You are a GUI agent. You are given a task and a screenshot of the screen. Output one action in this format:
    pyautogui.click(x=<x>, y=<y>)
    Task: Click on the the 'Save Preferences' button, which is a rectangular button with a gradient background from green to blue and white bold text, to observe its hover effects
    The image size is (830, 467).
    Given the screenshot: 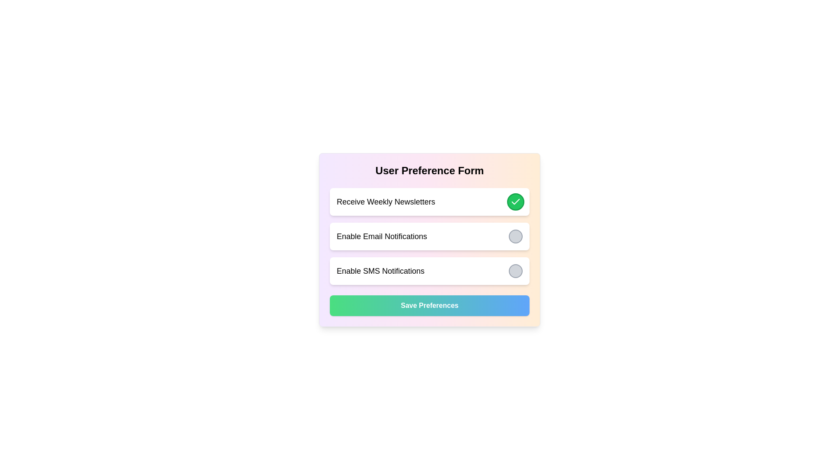 What is the action you would take?
    pyautogui.click(x=429, y=305)
    